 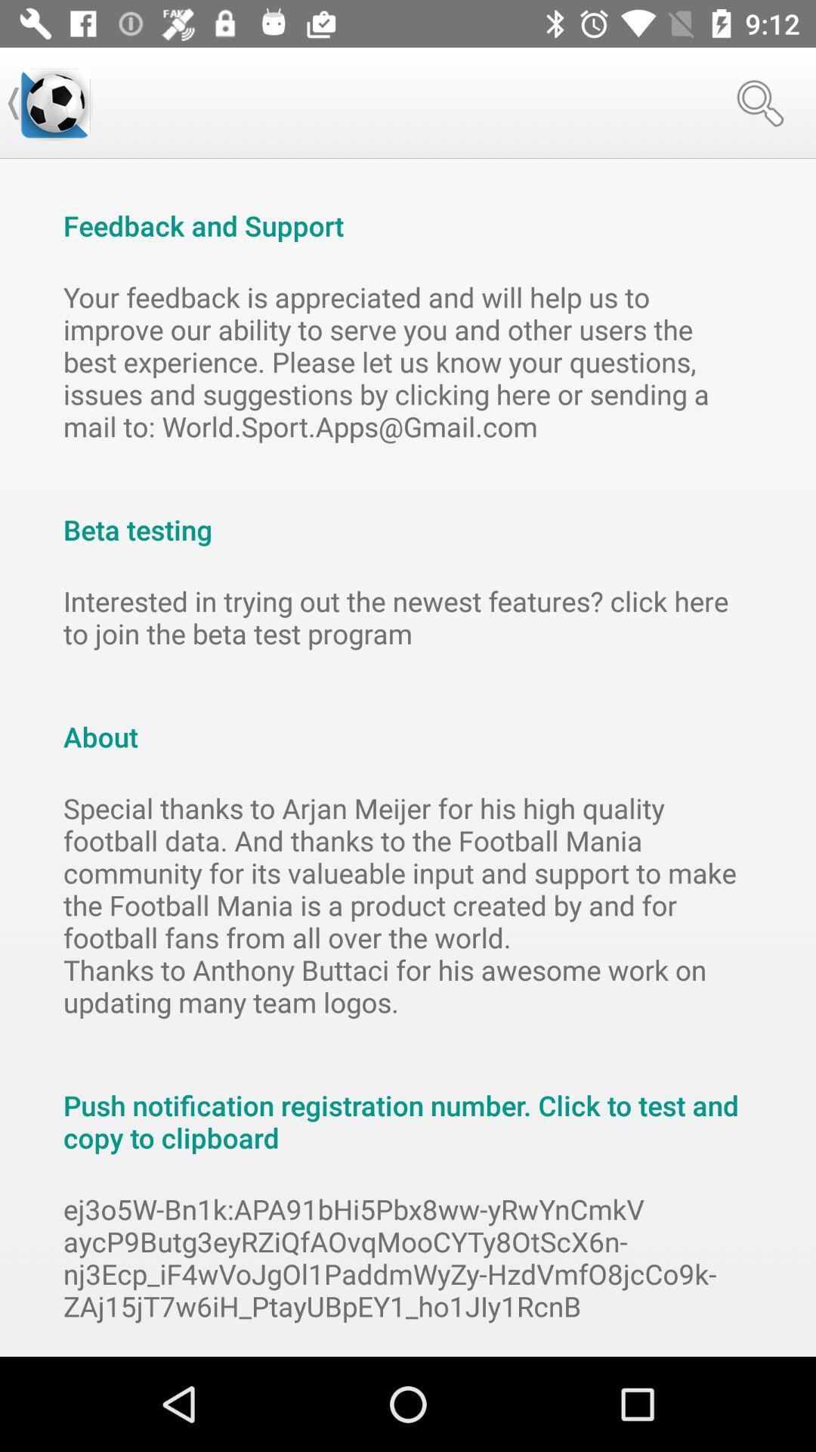 What do you see at coordinates (408, 1106) in the screenshot?
I see `the item below the special thanks to icon` at bounding box center [408, 1106].